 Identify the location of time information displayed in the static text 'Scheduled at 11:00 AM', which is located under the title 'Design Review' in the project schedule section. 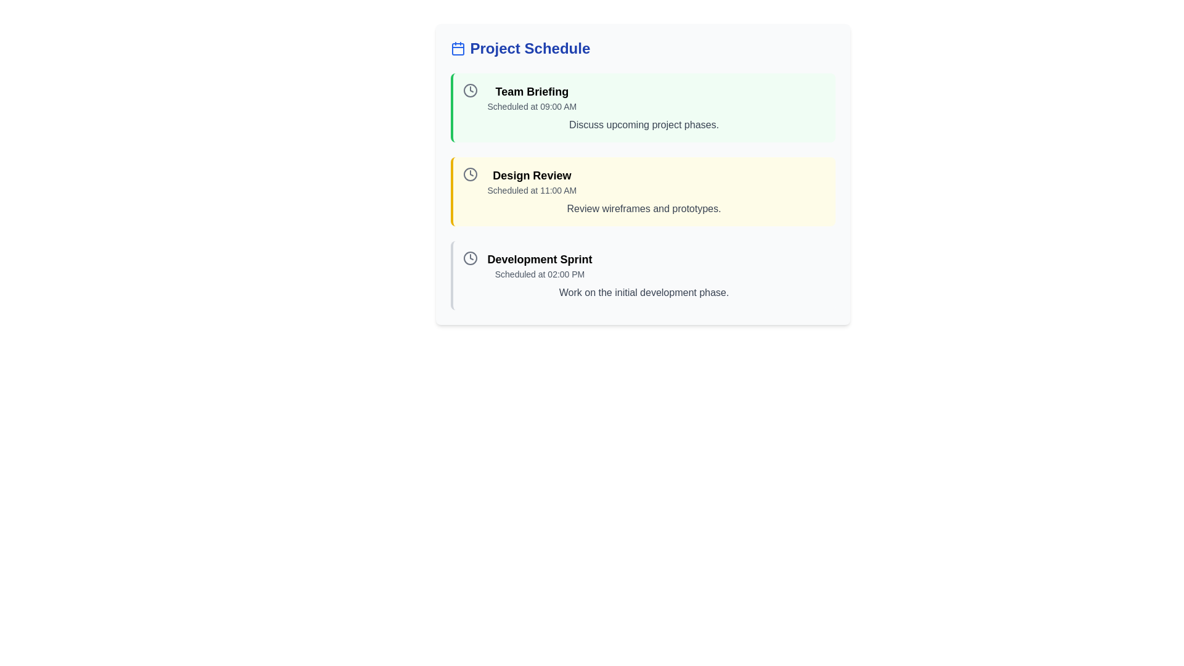
(532, 190).